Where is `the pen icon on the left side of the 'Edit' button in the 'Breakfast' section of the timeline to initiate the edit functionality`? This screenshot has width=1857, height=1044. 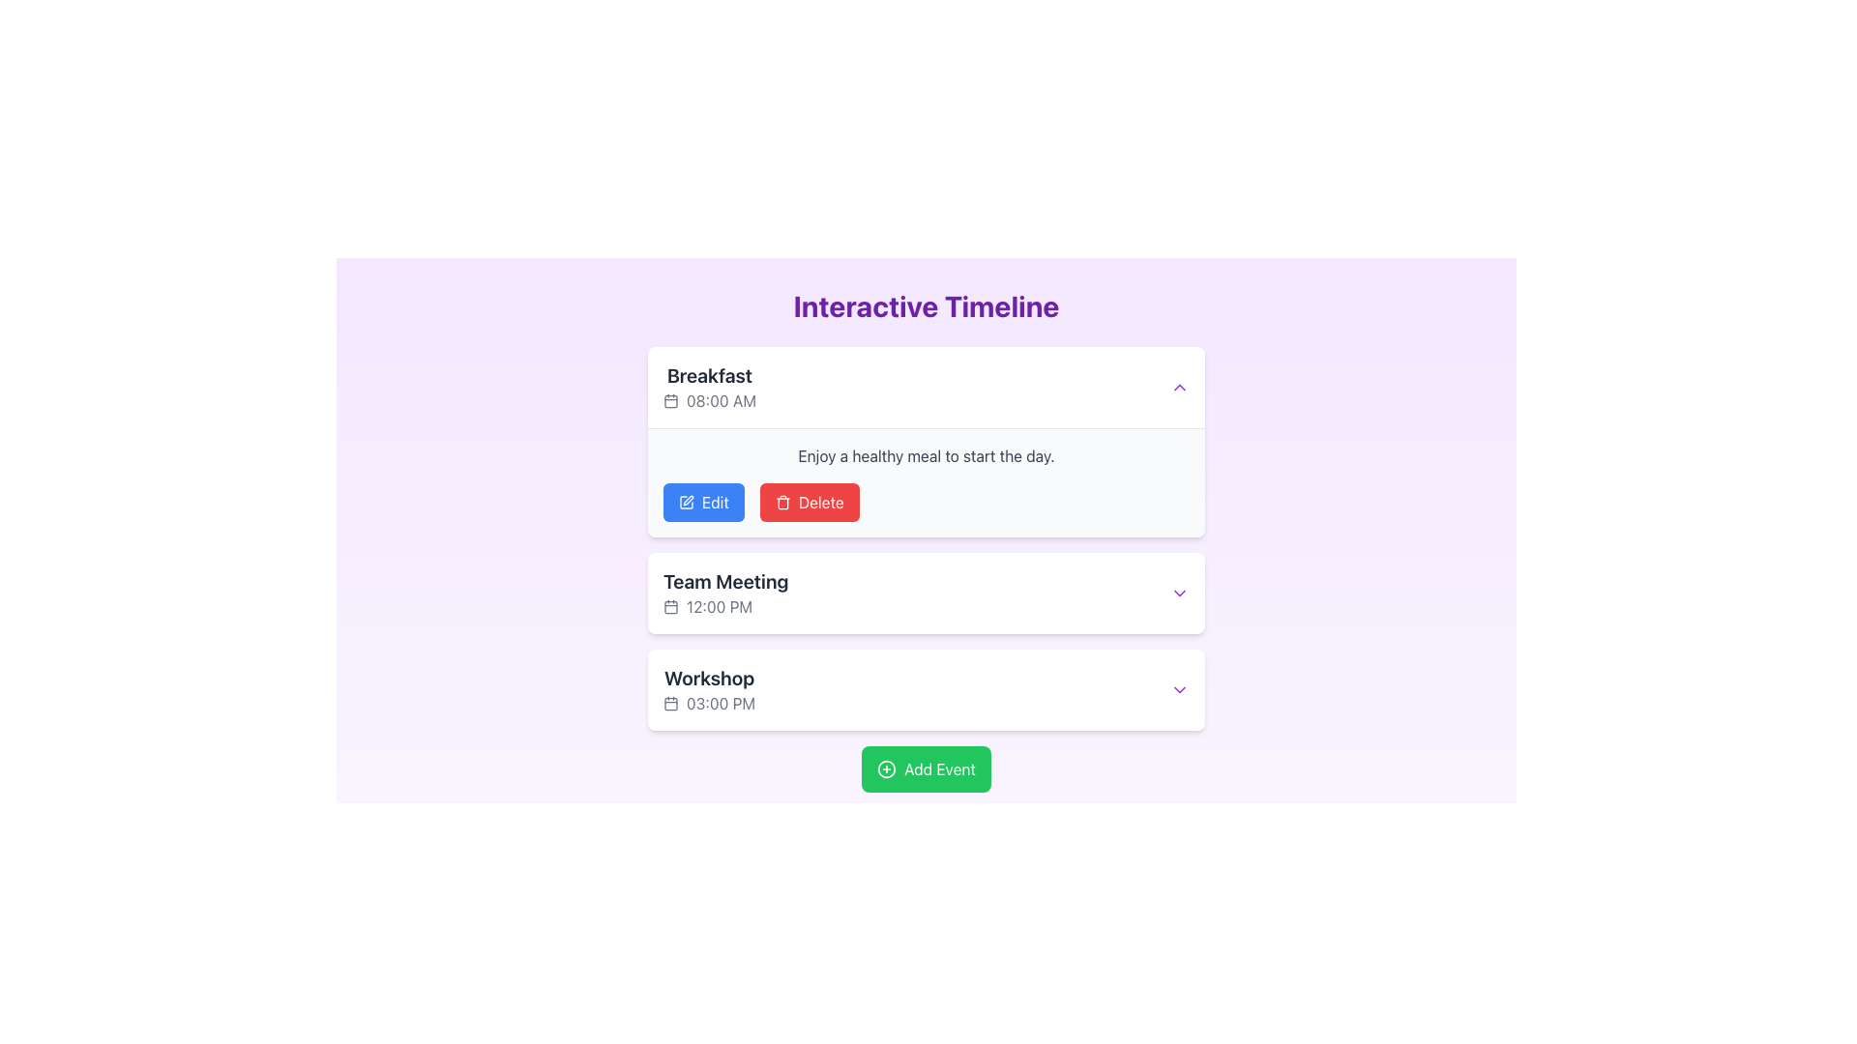
the pen icon on the left side of the 'Edit' button in the 'Breakfast' section of the timeline to initiate the edit functionality is located at coordinates (687, 502).